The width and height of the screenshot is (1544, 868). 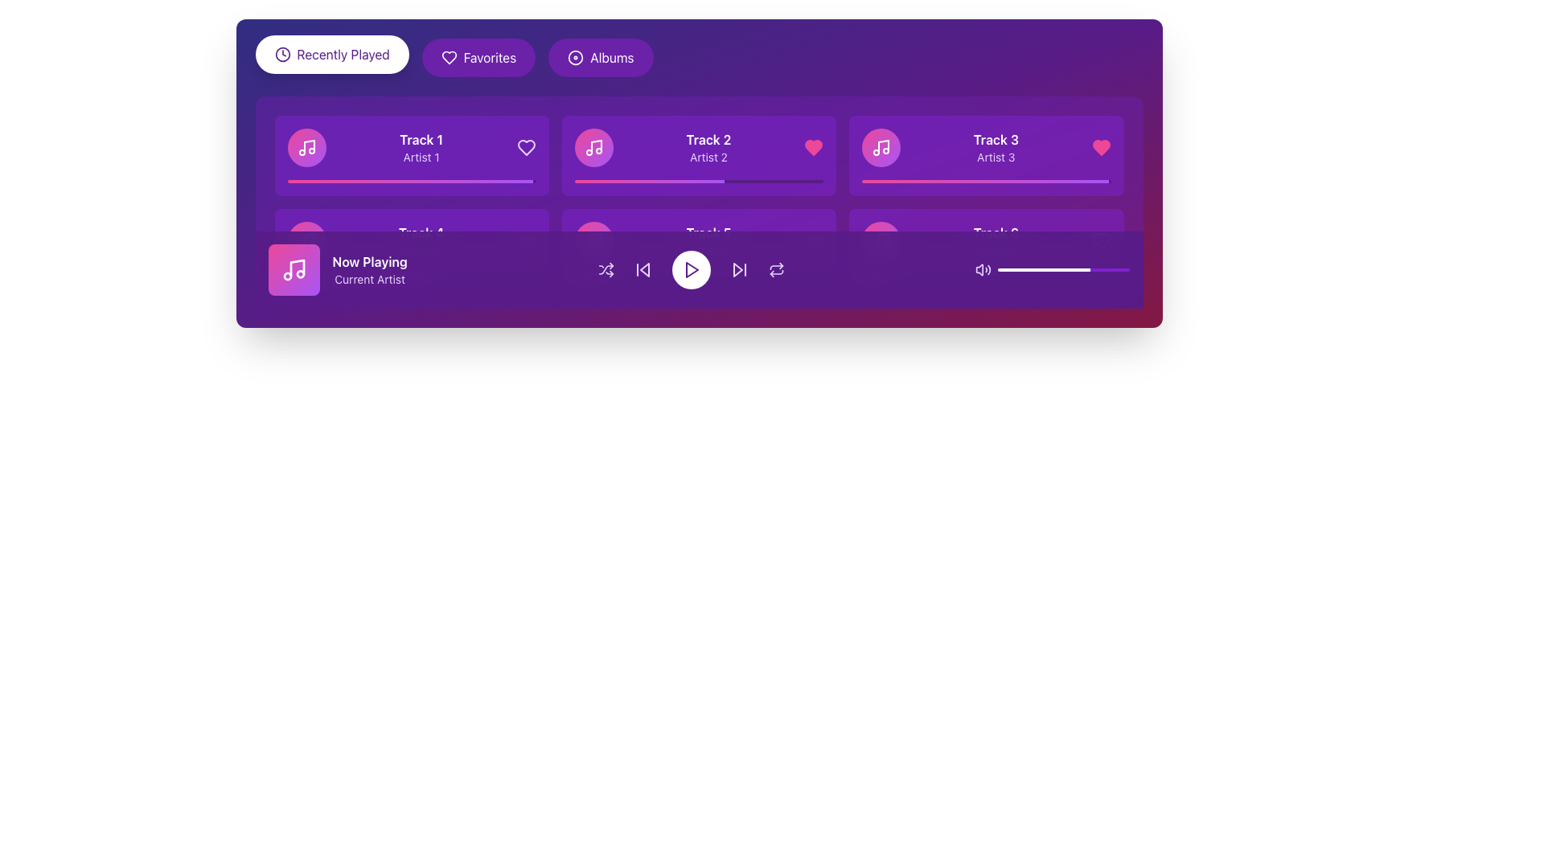 What do you see at coordinates (412, 148) in the screenshot?
I see `the music track list item displaying 'Track 1' by 'Artist 1'` at bounding box center [412, 148].